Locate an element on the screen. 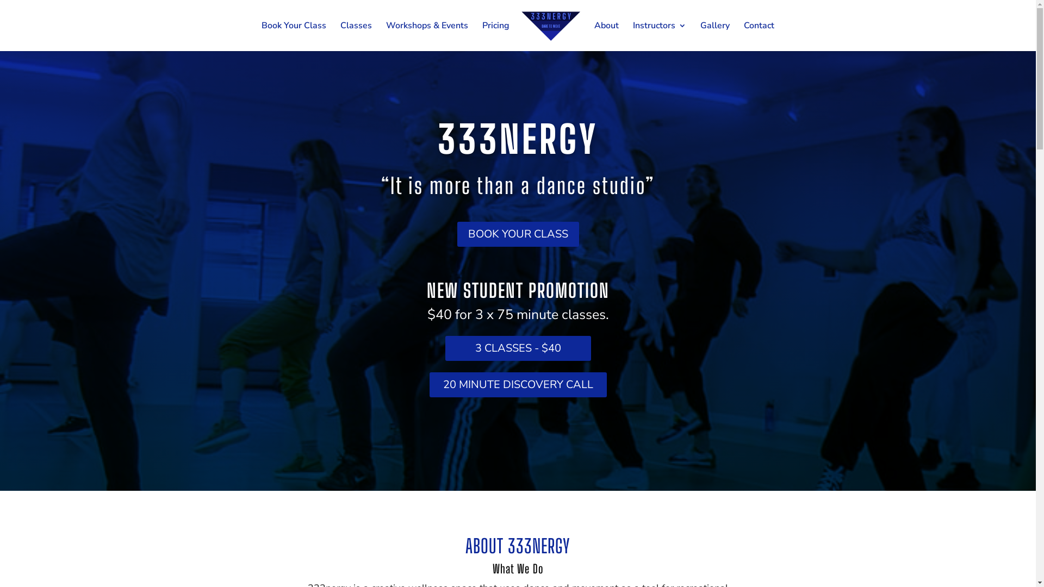 This screenshot has height=587, width=1044. '20 MINUTE DISCOVERY CALL' is located at coordinates (518, 384).